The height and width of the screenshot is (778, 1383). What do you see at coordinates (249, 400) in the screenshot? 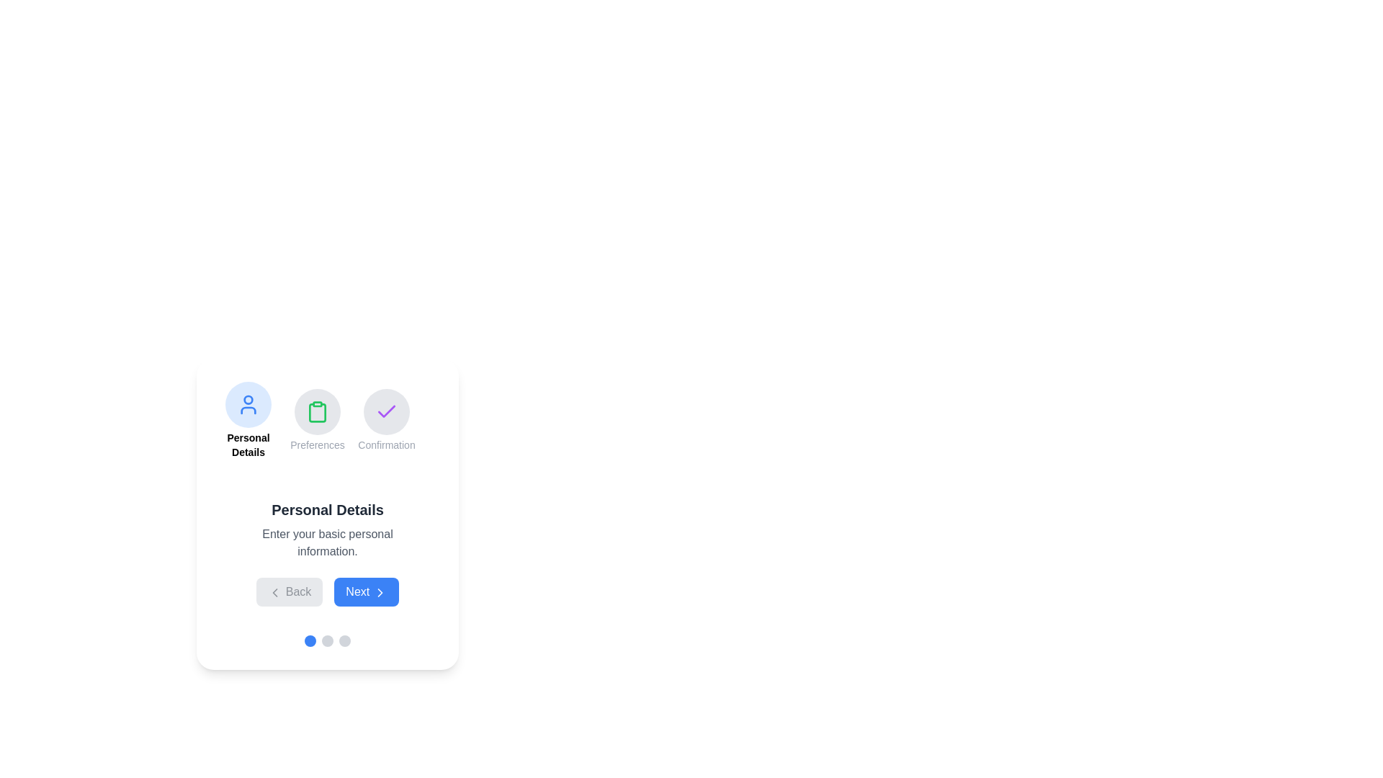
I see `the top circular component of the user icon in the header section of the card-style UI` at bounding box center [249, 400].